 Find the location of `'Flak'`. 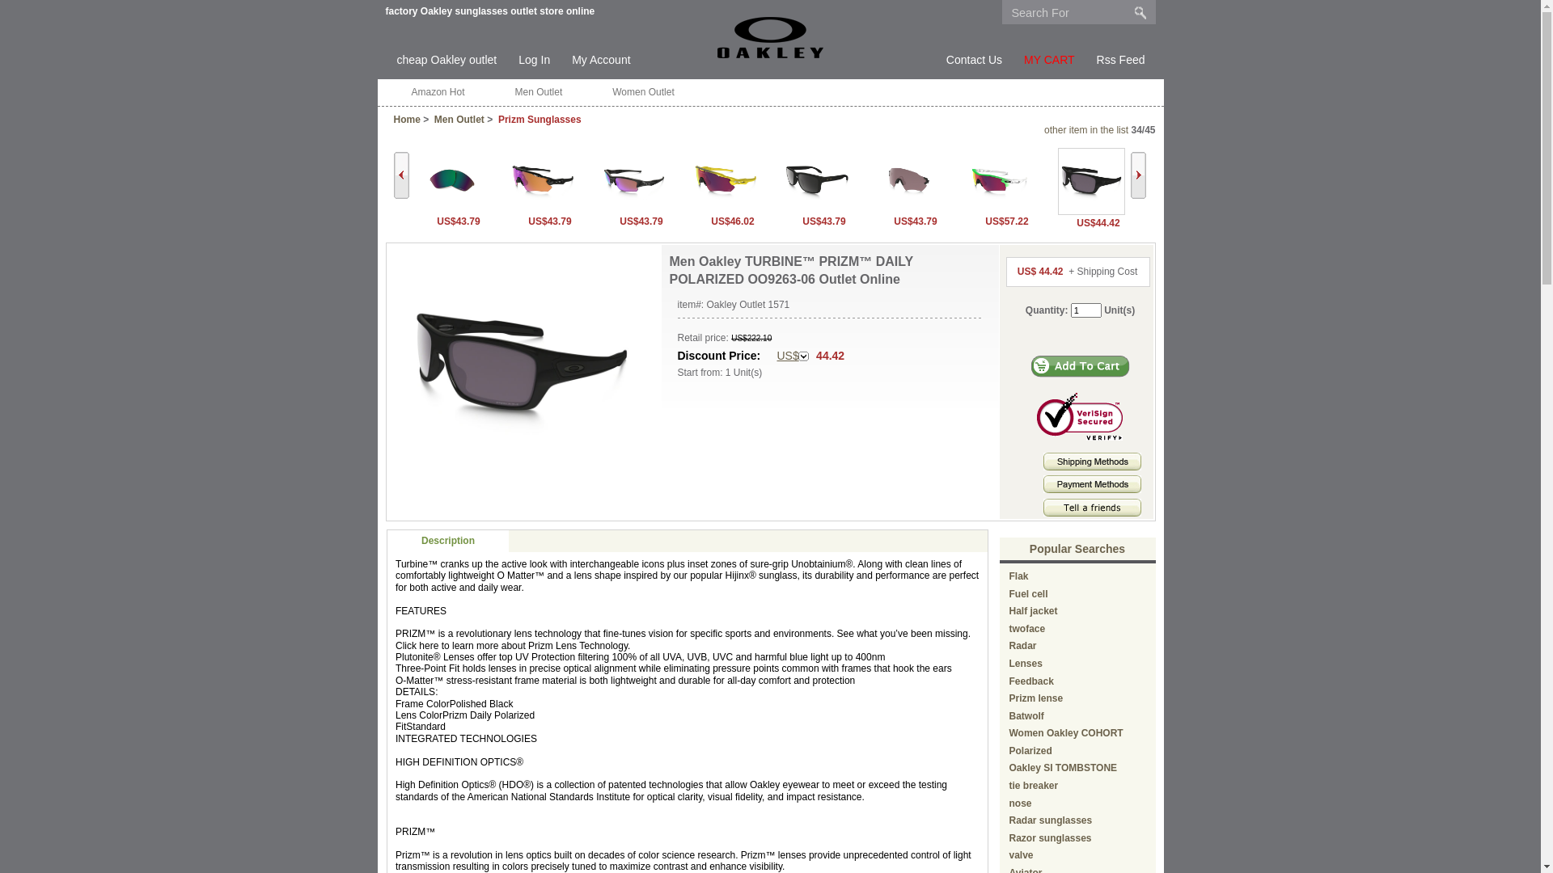

'Flak' is located at coordinates (1009, 576).